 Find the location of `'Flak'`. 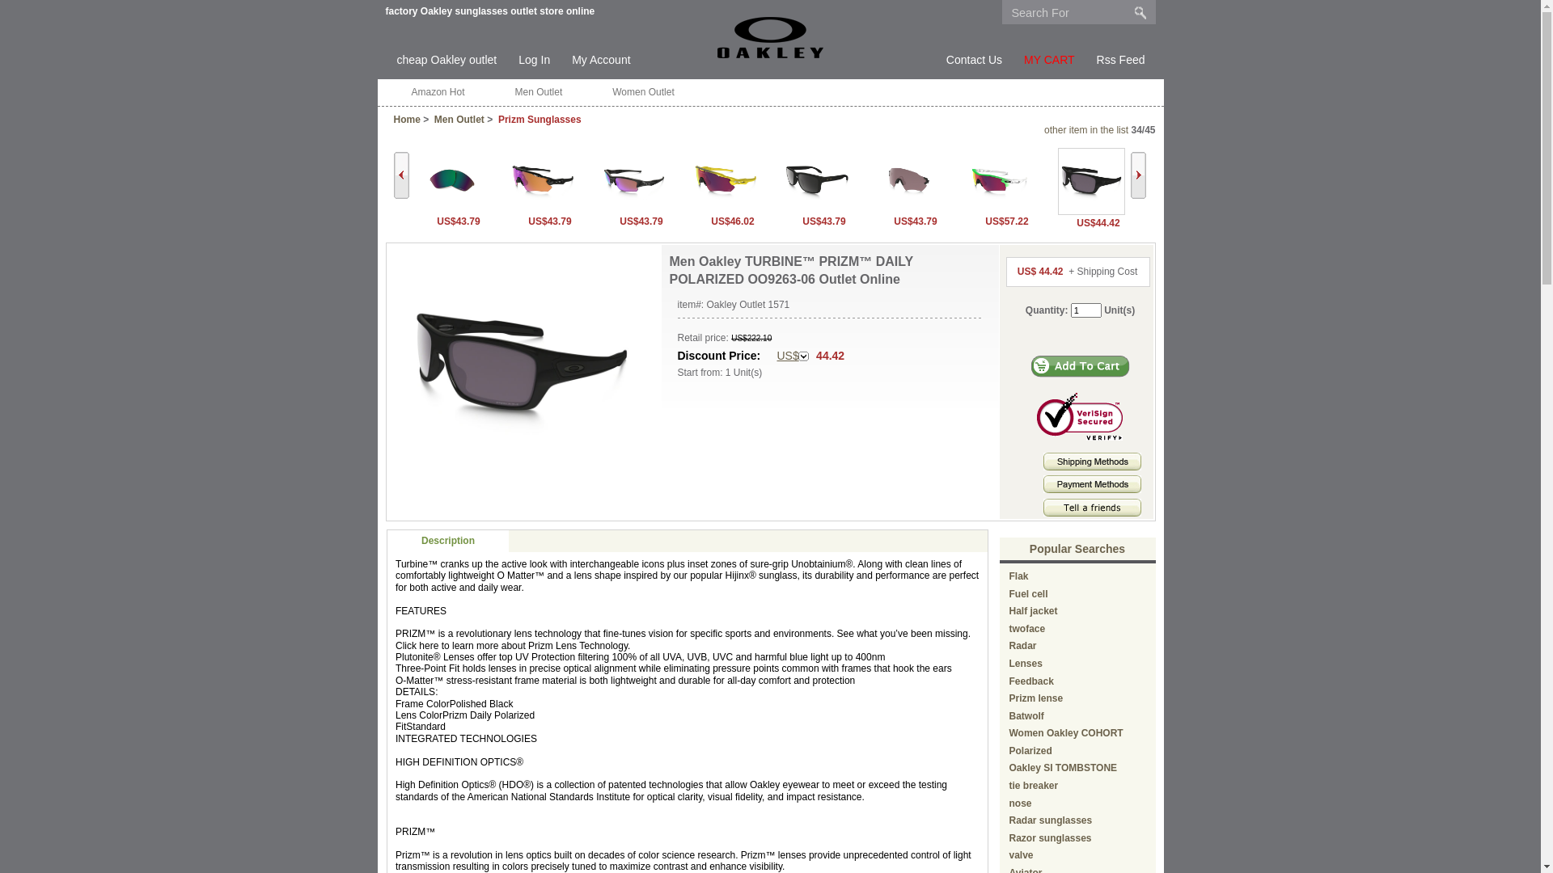

'Flak' is located at coordinates (1009, 576).